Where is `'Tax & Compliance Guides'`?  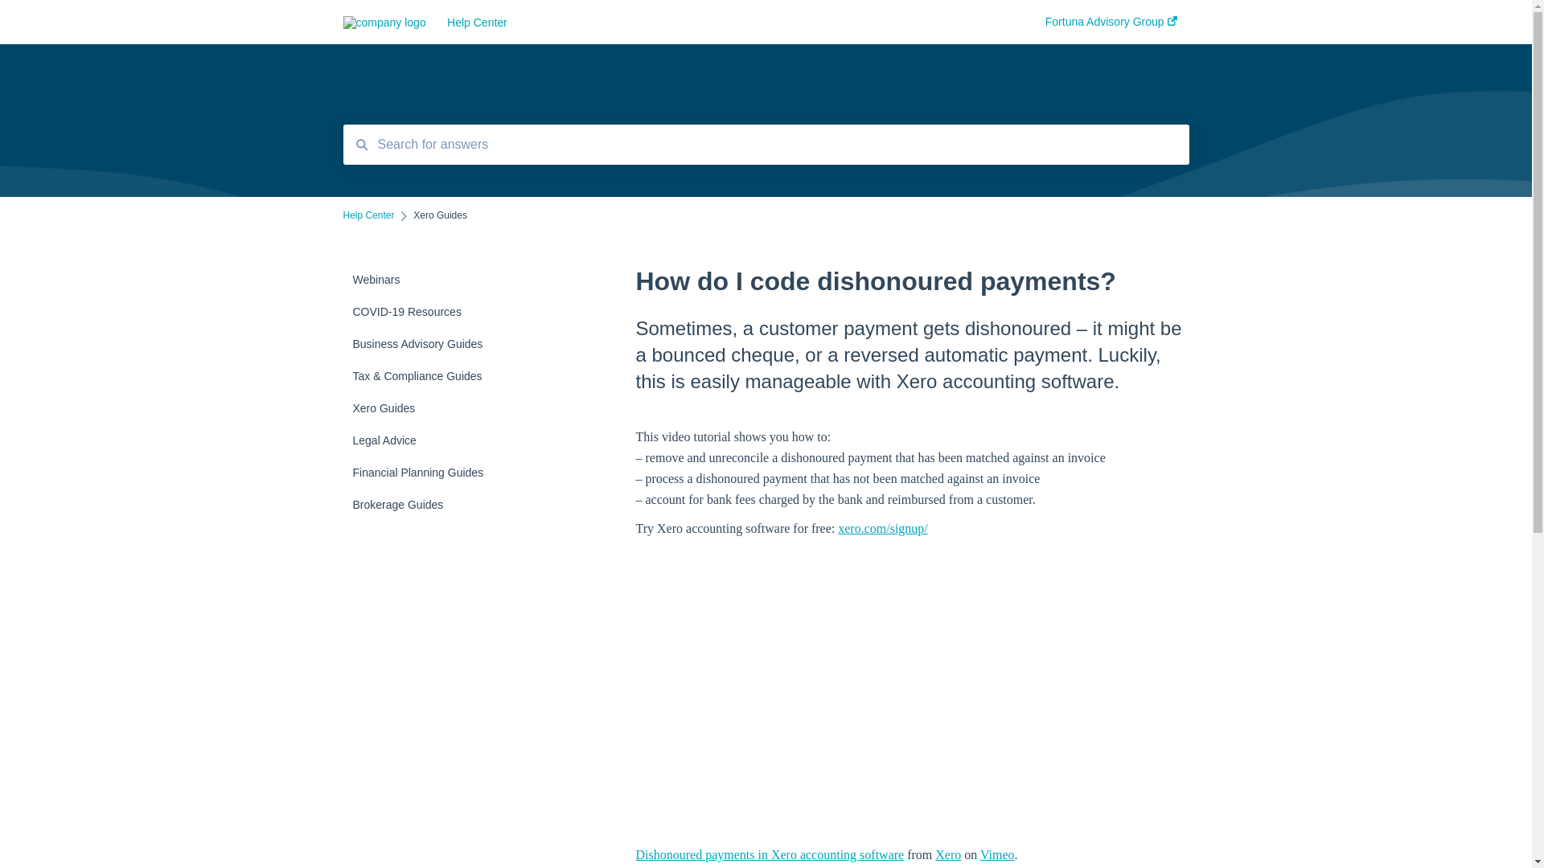
'Tax & Compliance Guides' is located at coordinates (439, 375).